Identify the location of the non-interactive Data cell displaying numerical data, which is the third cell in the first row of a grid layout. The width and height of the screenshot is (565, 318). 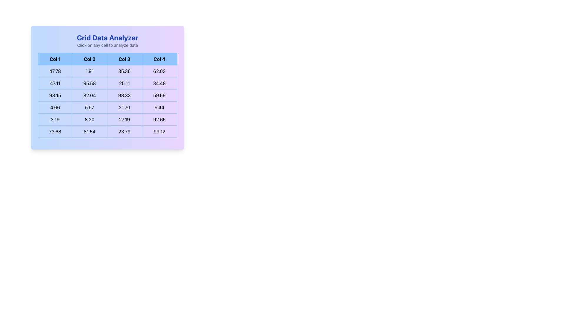
(124, 71).